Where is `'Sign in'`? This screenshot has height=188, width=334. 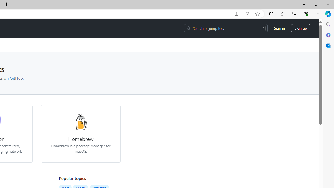 'Sign in' is located at coordinates (279, 28).